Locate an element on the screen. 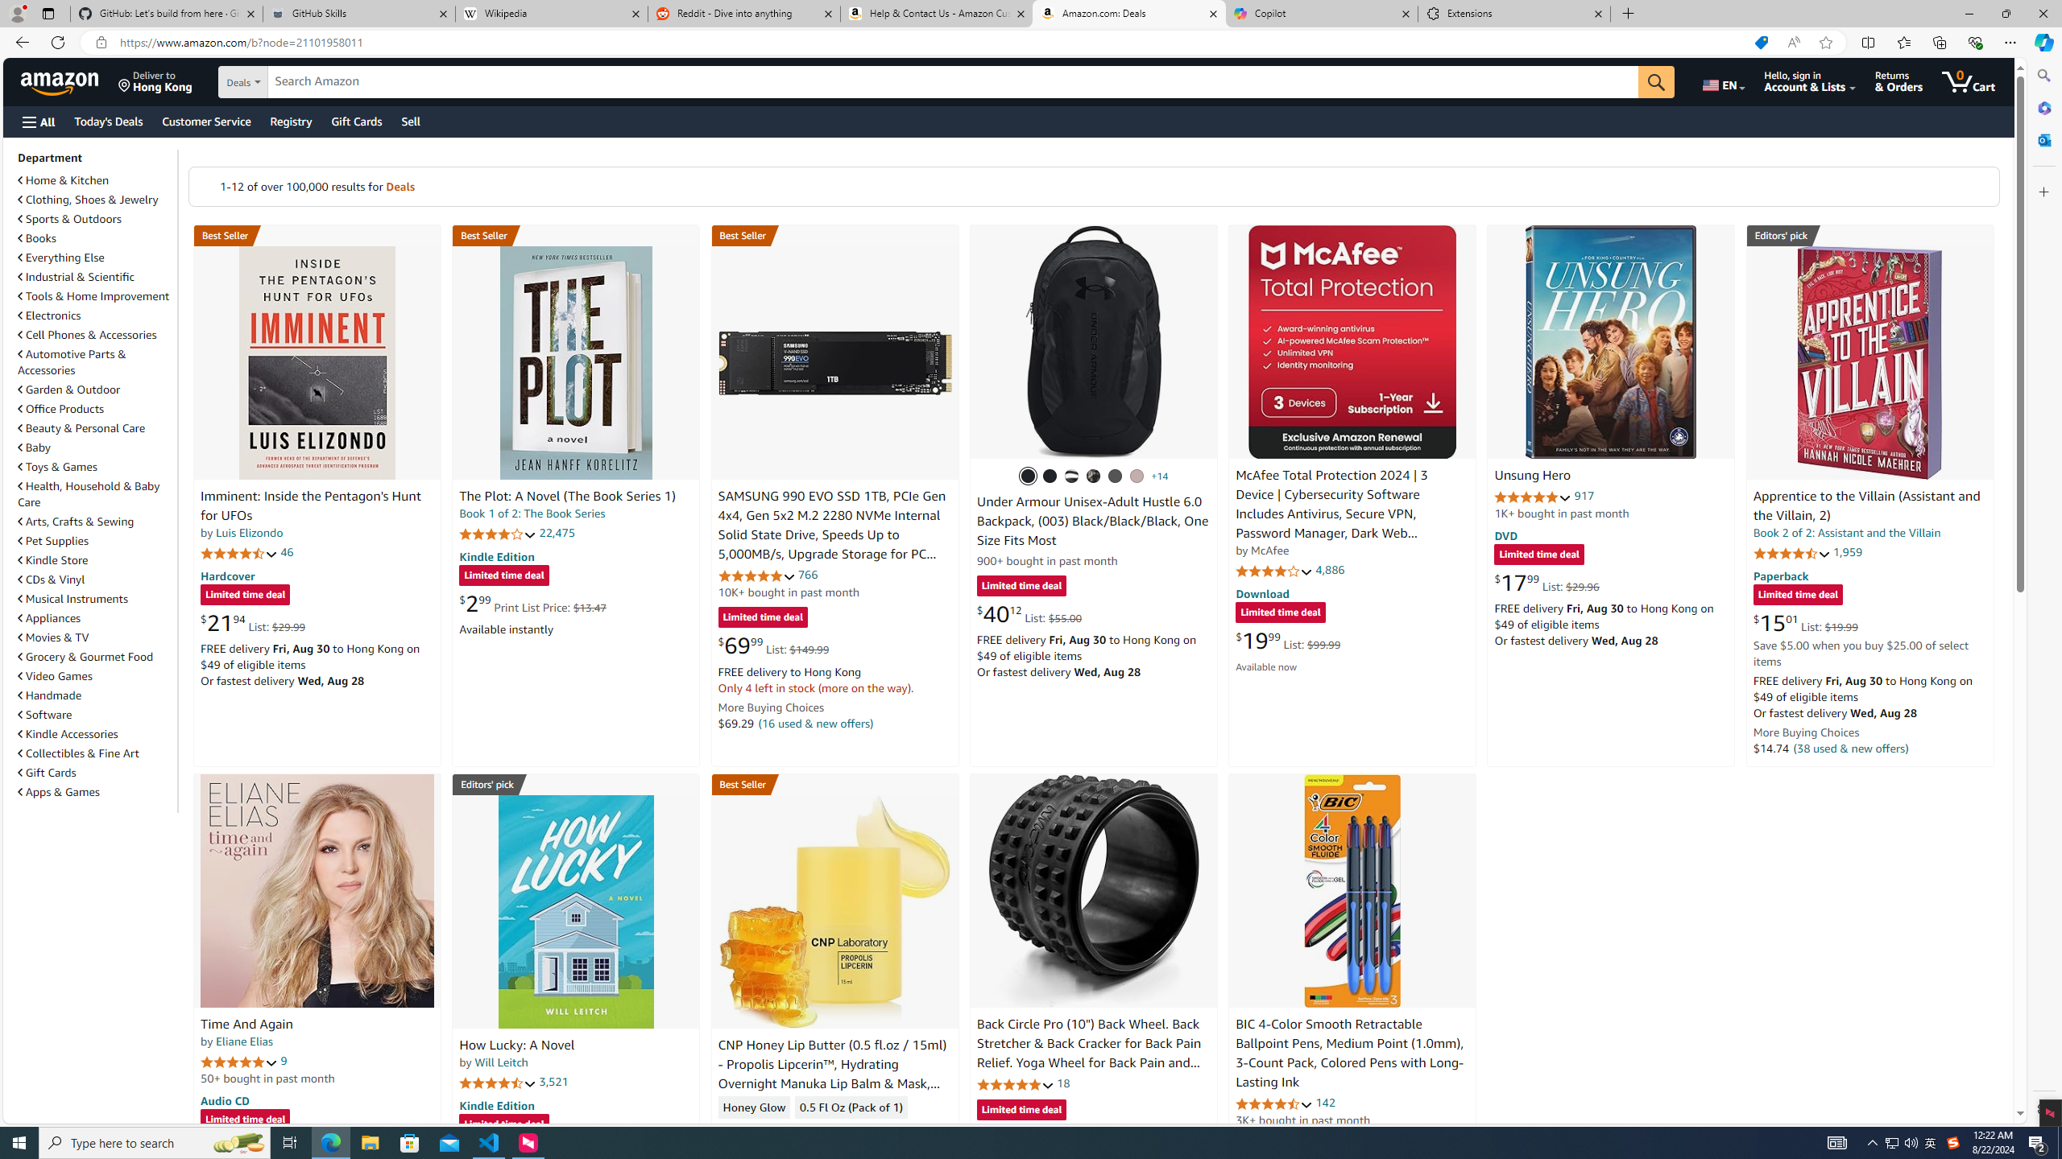  '9' is located at coordinates (283, 1060).